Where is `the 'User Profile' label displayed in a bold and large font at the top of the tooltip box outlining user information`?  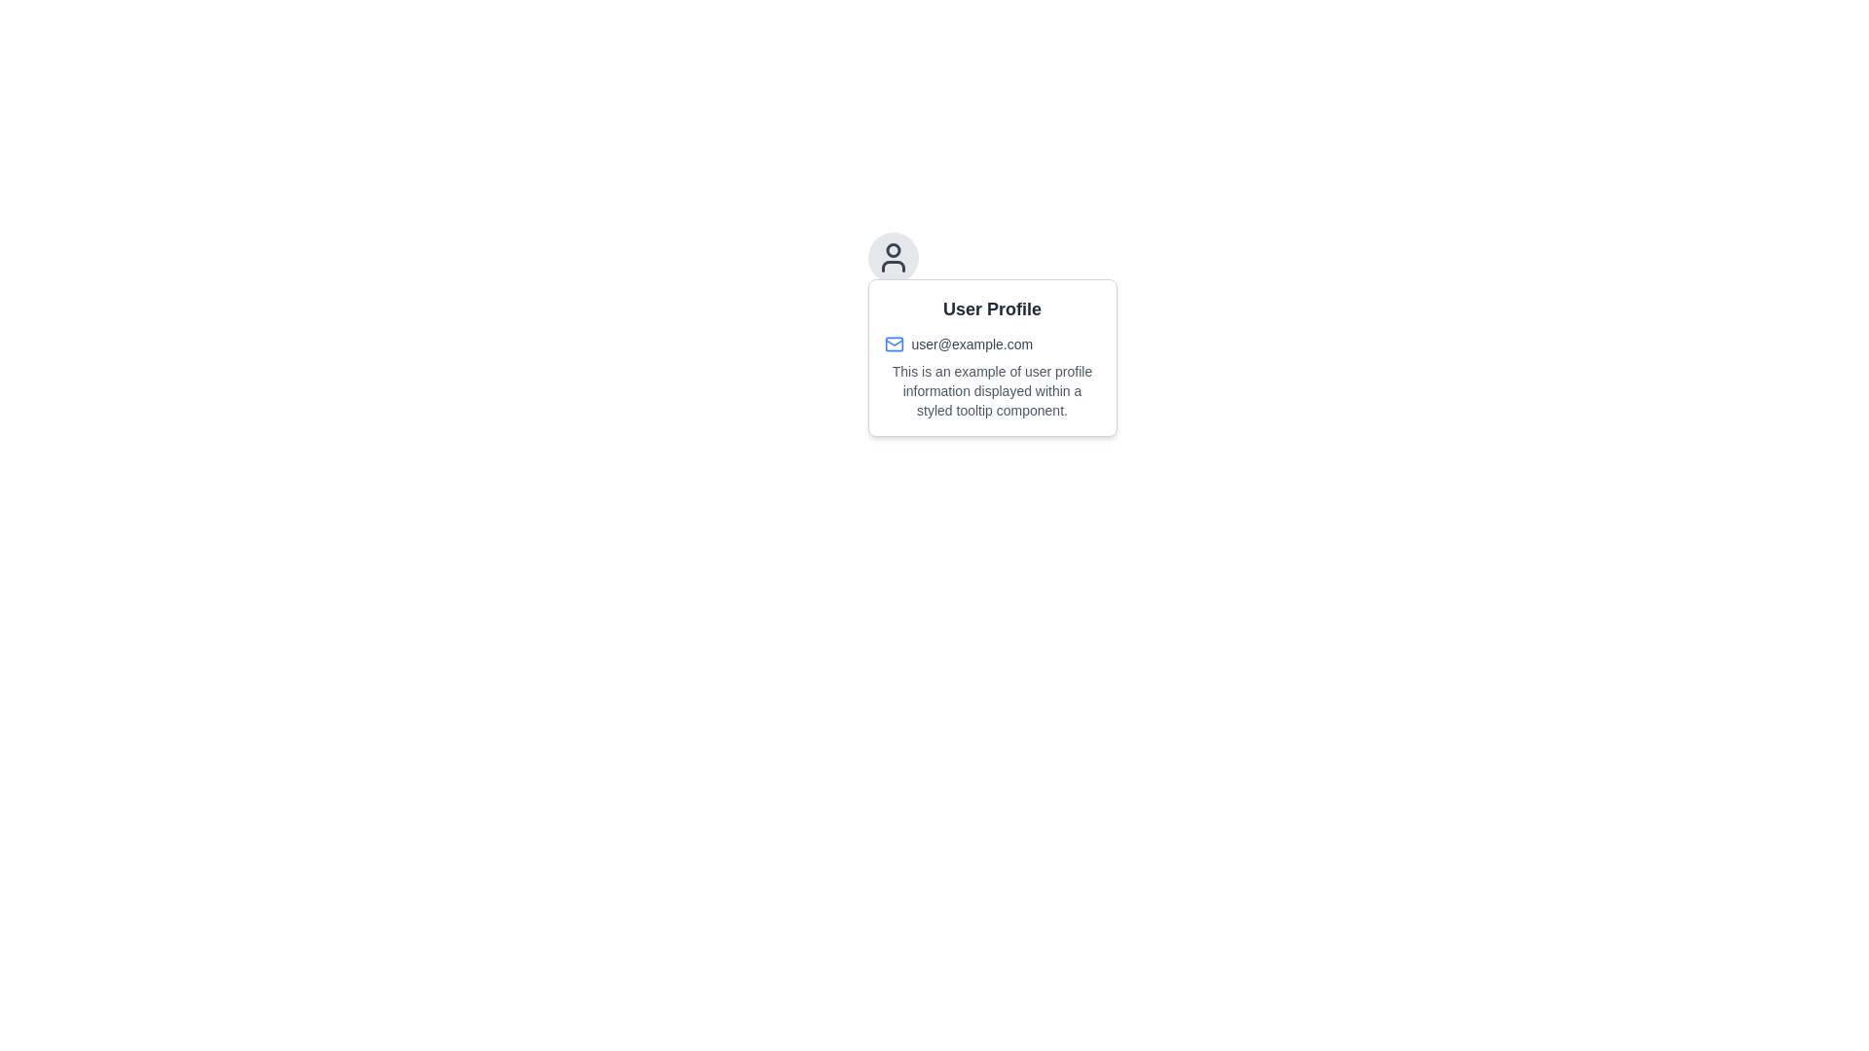 the 'User Profile' label displayed in a bold and large font at the top of the tooltip box outlining user information is located at coordinates (992, 308).